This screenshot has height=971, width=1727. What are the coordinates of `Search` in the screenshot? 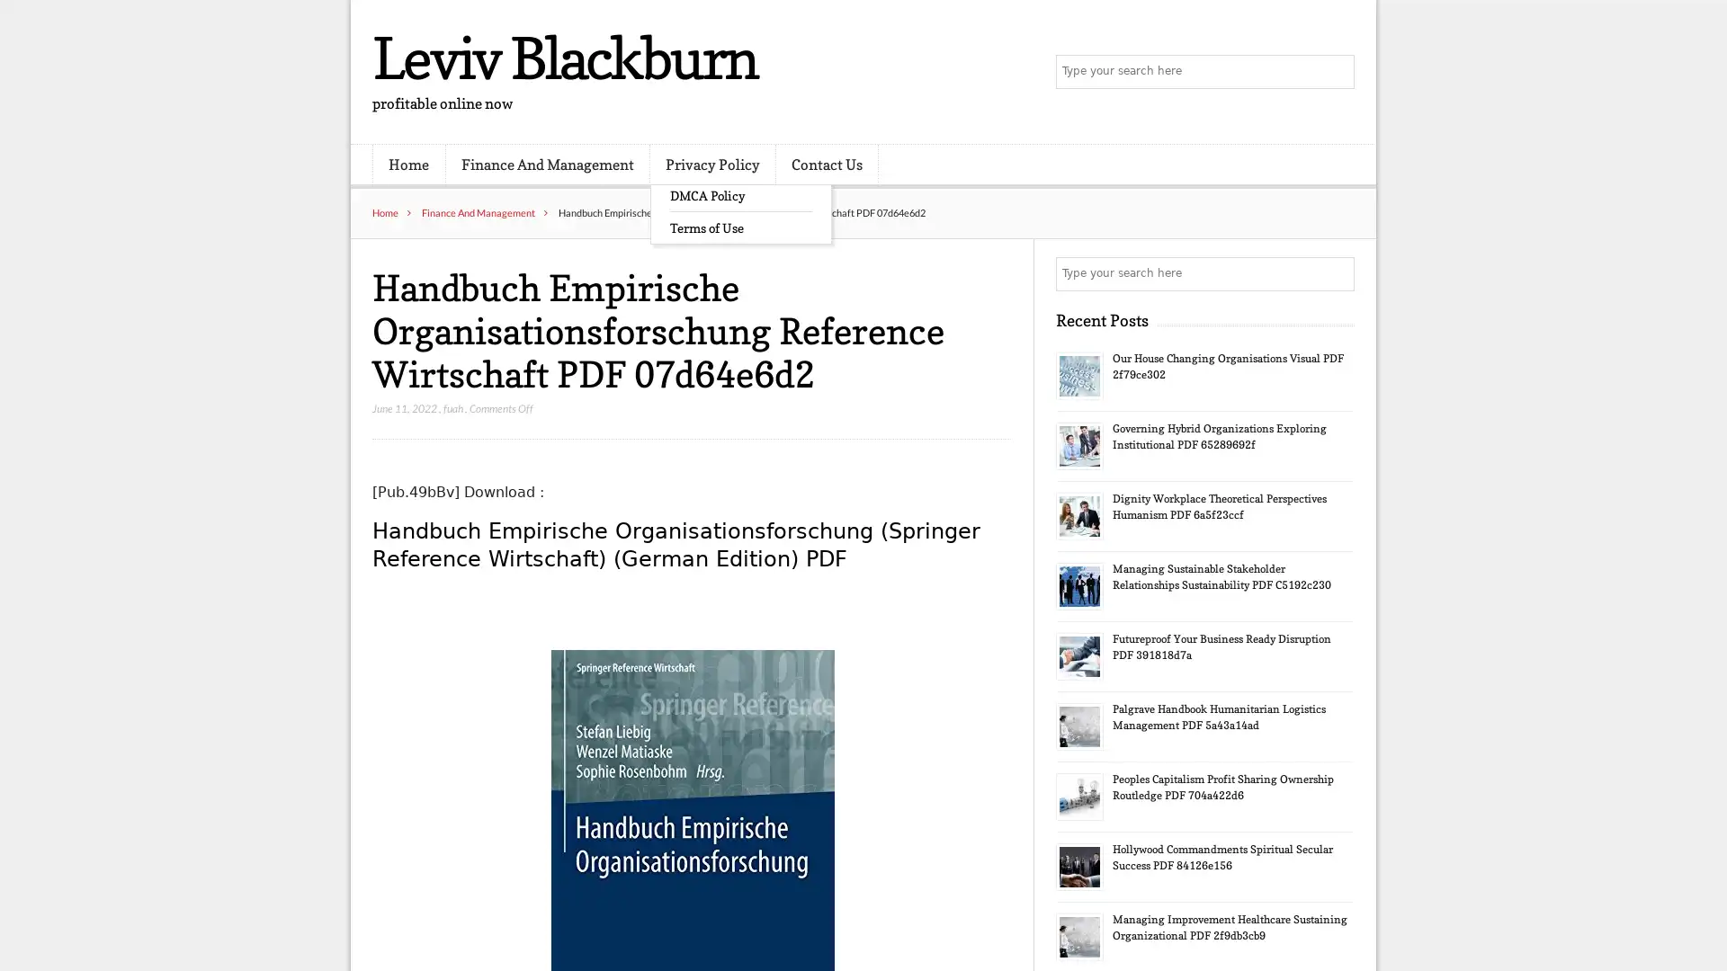 It's located at (1336, 72).